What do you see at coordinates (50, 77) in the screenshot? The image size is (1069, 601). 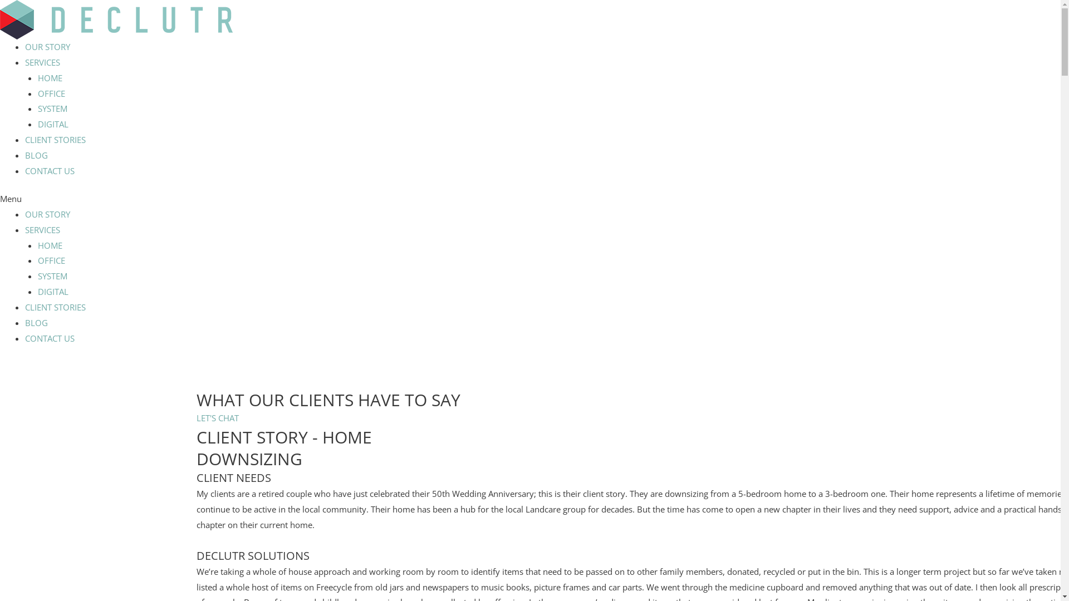 I see `'HOME'` at bounding box center [50, 77].